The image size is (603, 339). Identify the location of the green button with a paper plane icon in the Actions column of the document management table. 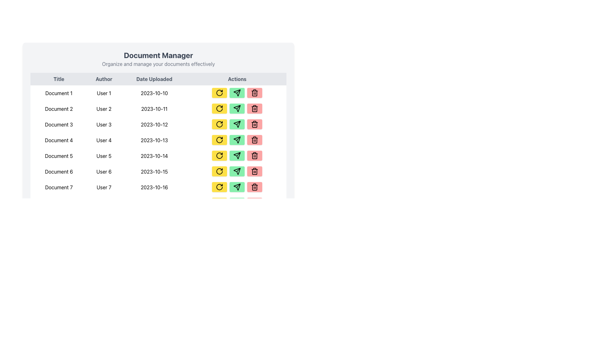
(237, 93).